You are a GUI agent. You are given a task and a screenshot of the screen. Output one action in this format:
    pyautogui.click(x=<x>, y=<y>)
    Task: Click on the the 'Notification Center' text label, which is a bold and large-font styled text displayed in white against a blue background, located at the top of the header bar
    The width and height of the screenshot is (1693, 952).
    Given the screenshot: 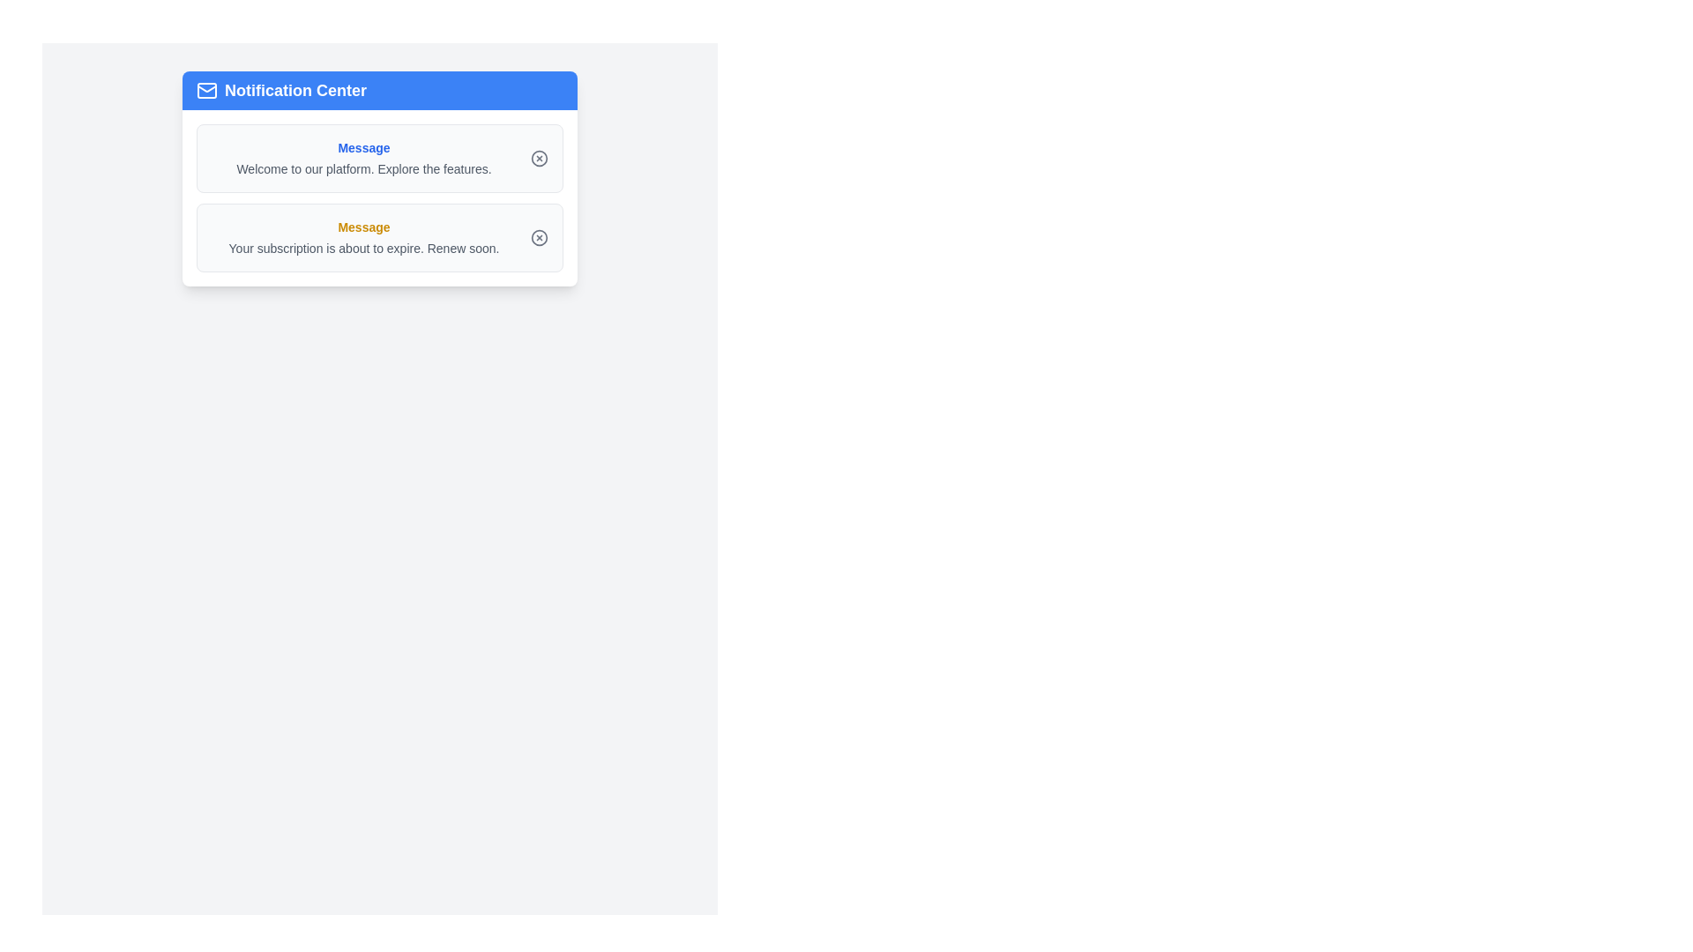 What is the action you would take?
    pyautogui.click(x=295, y=91)
    